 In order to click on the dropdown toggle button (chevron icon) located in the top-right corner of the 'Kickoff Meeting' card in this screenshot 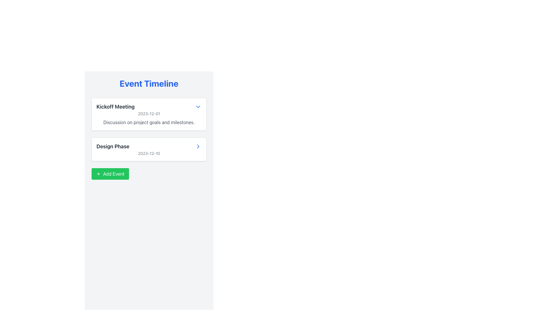, I will do `click(198, 107)`.